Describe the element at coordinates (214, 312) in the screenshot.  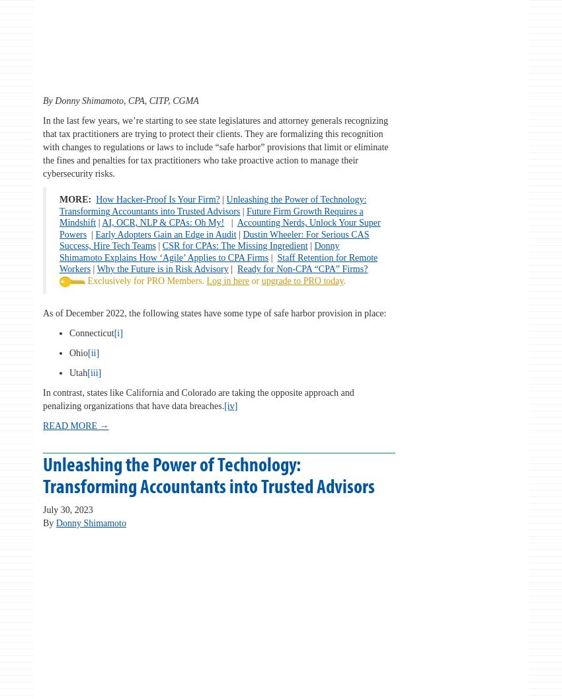
I see `'As of December 2022, the following states have some type of safe harbor provision in place:'` at that location.